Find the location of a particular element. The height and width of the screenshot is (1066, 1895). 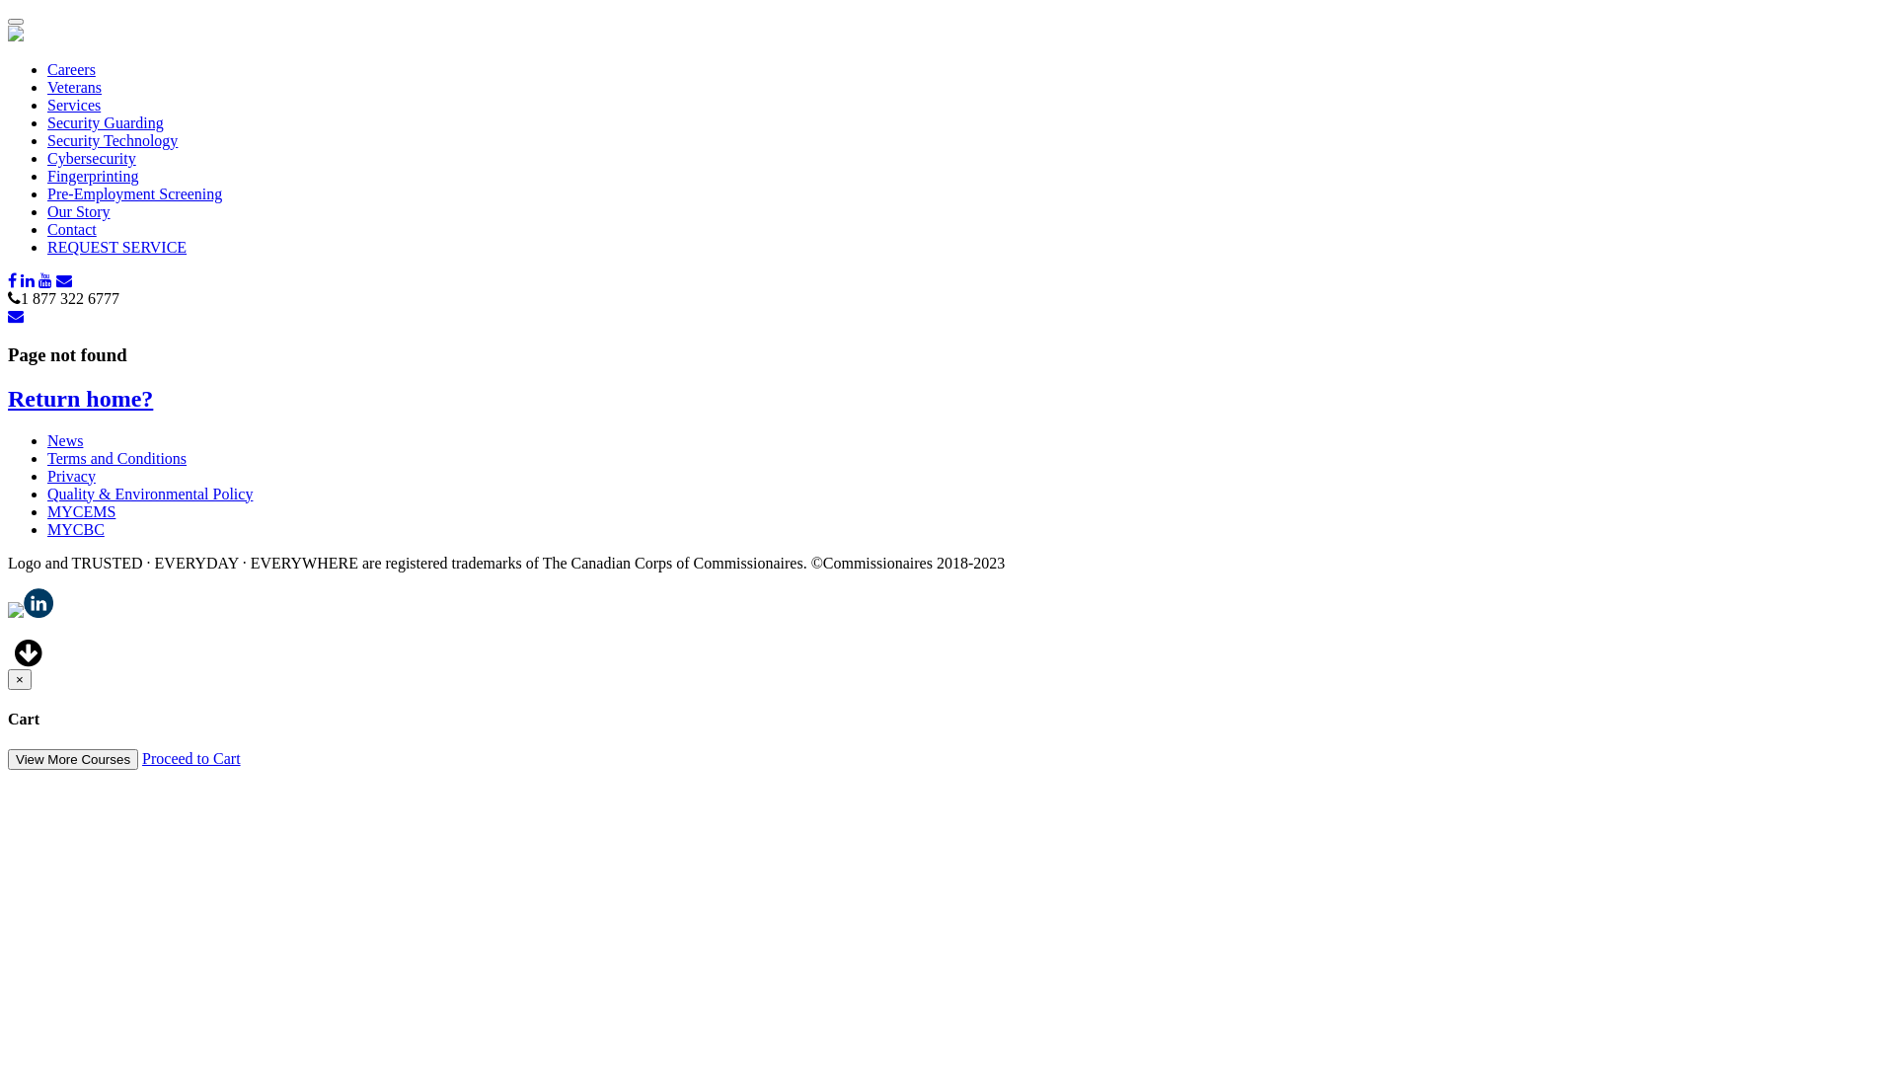

'Services' is located at coordinates (74, 105).